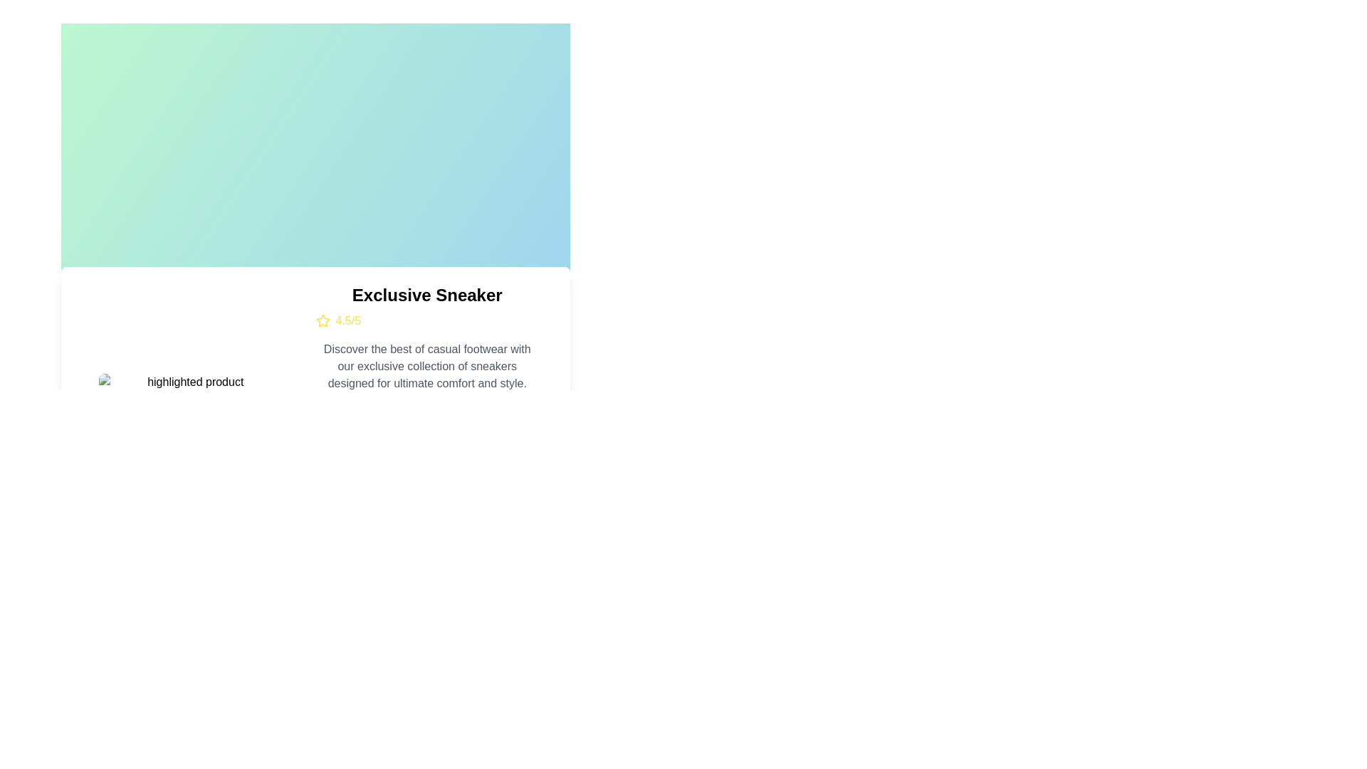  What do you see at coordinates (426, 366) in the screenshot?
I see `paragraph text in gray color that provides a description related to casual footwear and sneakers, located below the heading 'Exclusive Sneaker' and rating '4.5/5'` at bounding box center [426, 366].